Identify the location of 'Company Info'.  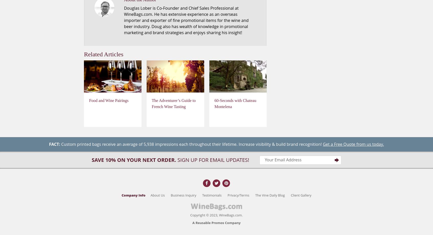
(133, 194).